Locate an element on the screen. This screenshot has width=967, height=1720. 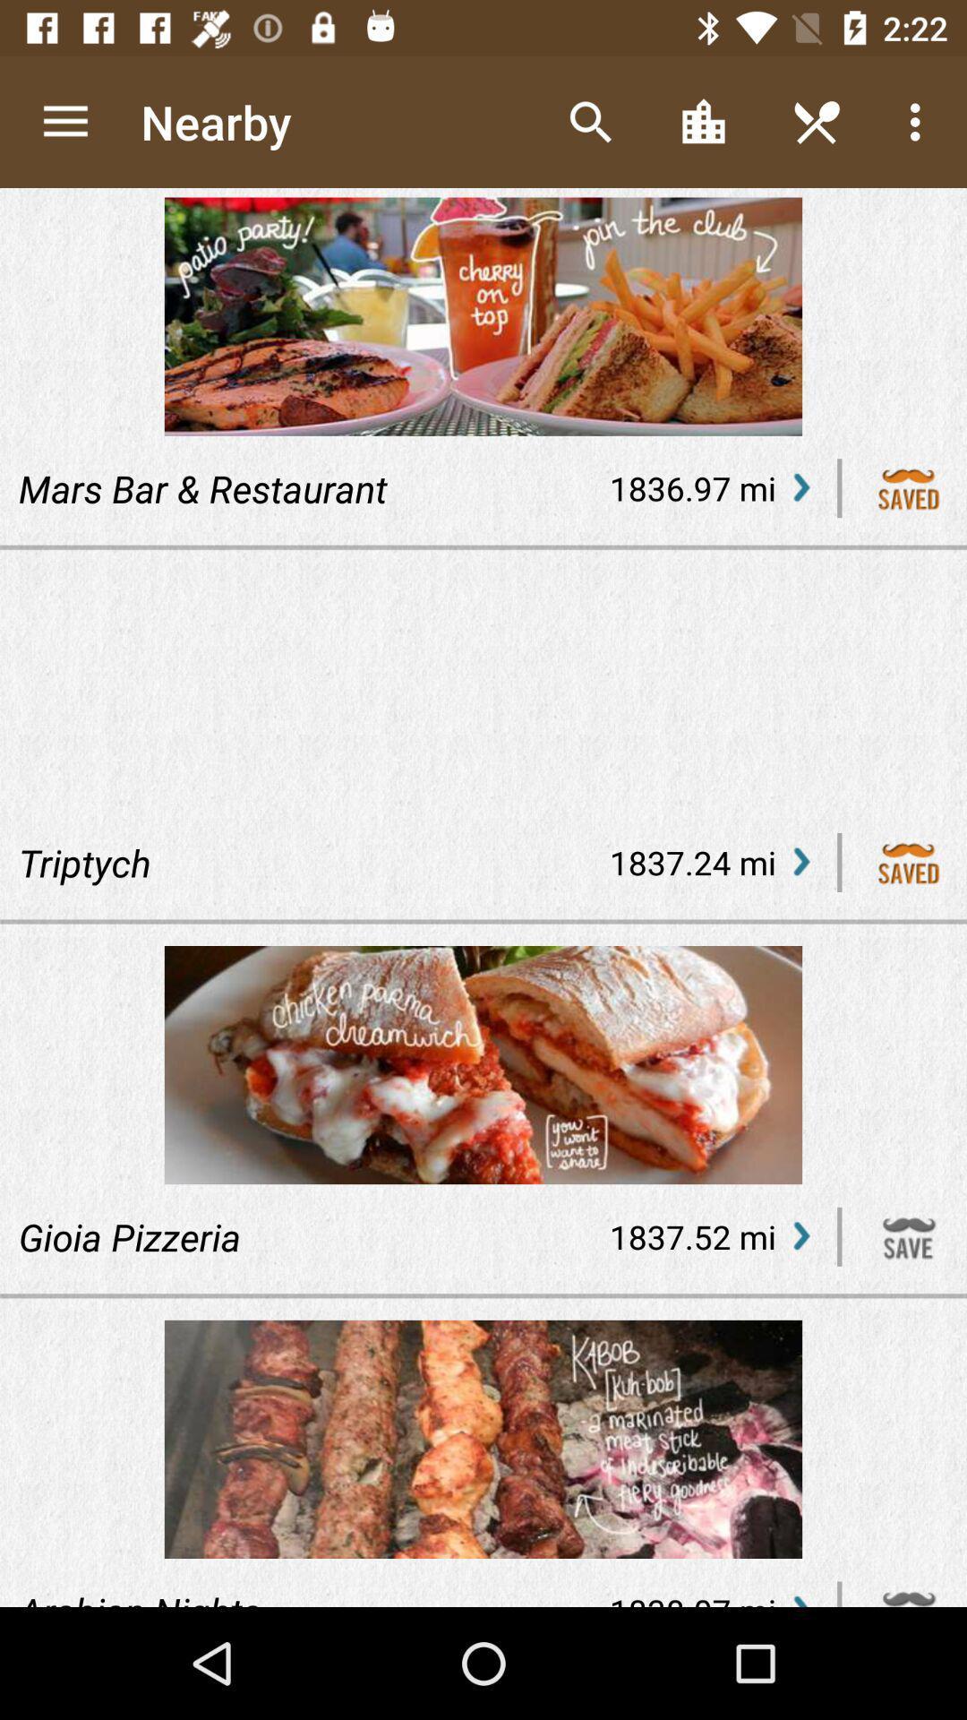
saved restaurant is located at coordinates (909, 488).